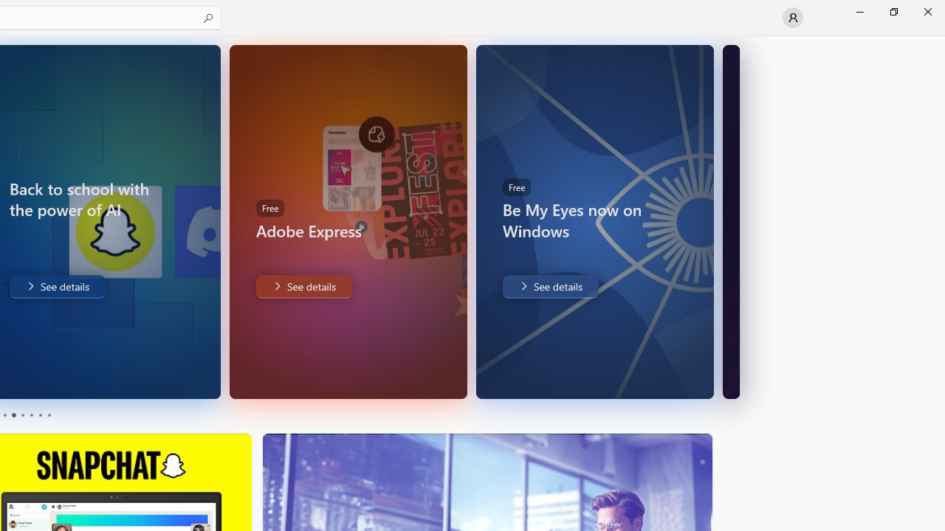 The width and height of the screenshot is (945, 531). Describe the element at coordinates (26, 415) in the screenshot. I see `'Pager'` at that location.